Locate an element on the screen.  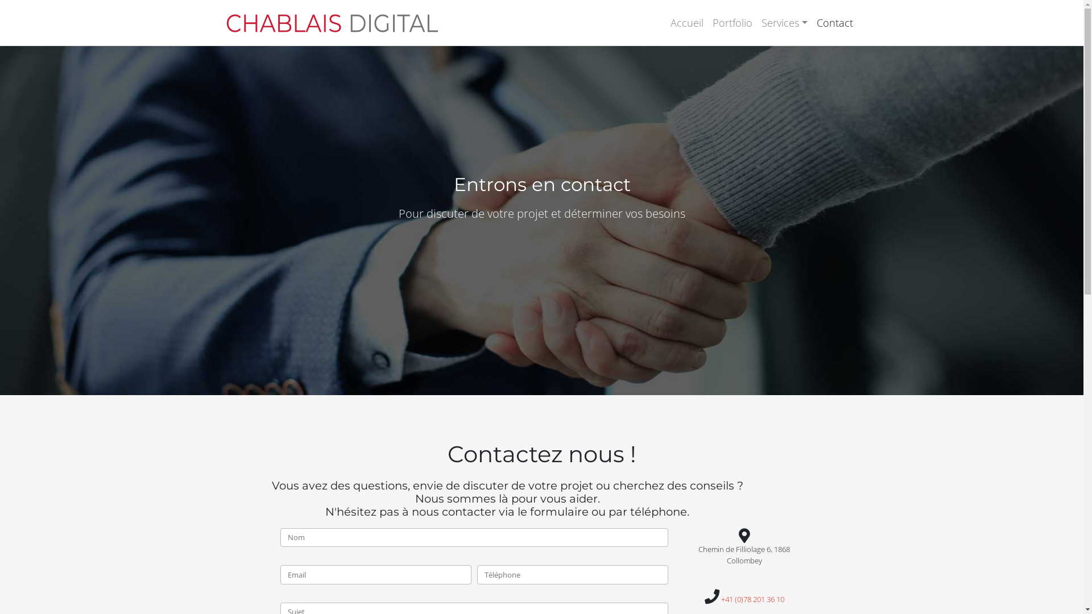
'Accueil' is located at coordinates (686, 22).